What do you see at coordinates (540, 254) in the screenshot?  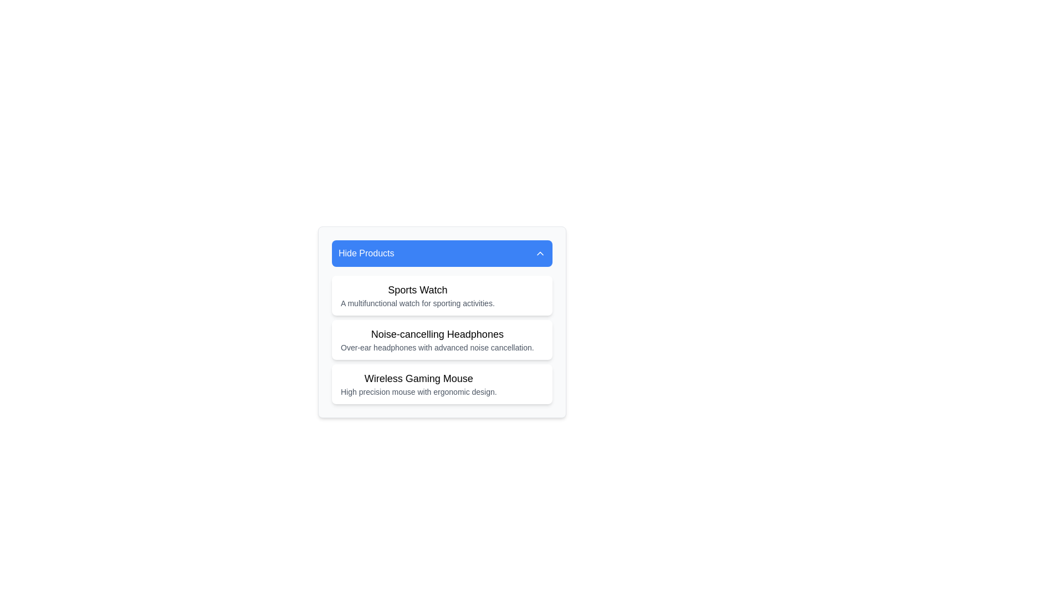 I see `the collapse icon located to the right of the 'Hide Products' button` at bounding box center [540, 254].